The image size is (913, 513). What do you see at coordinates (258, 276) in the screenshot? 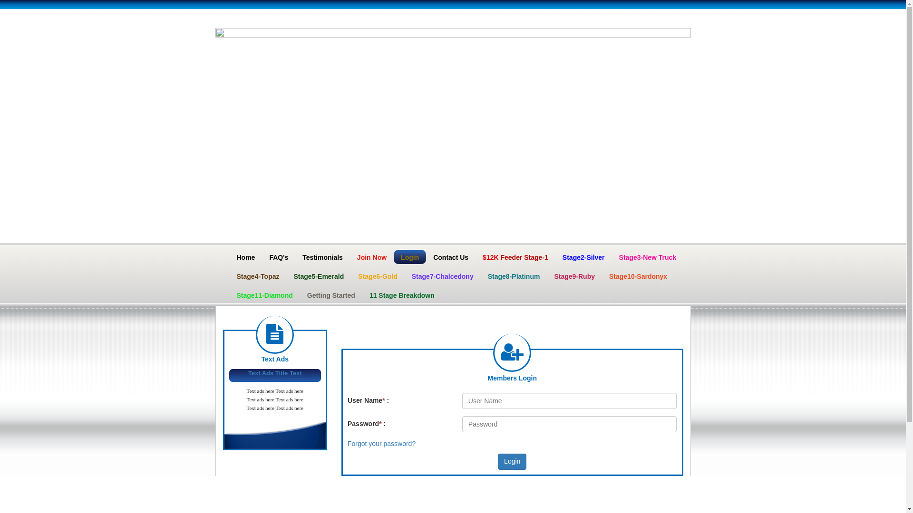
I see `'Stage4-Topaz'` at bounding box center [258, 276].